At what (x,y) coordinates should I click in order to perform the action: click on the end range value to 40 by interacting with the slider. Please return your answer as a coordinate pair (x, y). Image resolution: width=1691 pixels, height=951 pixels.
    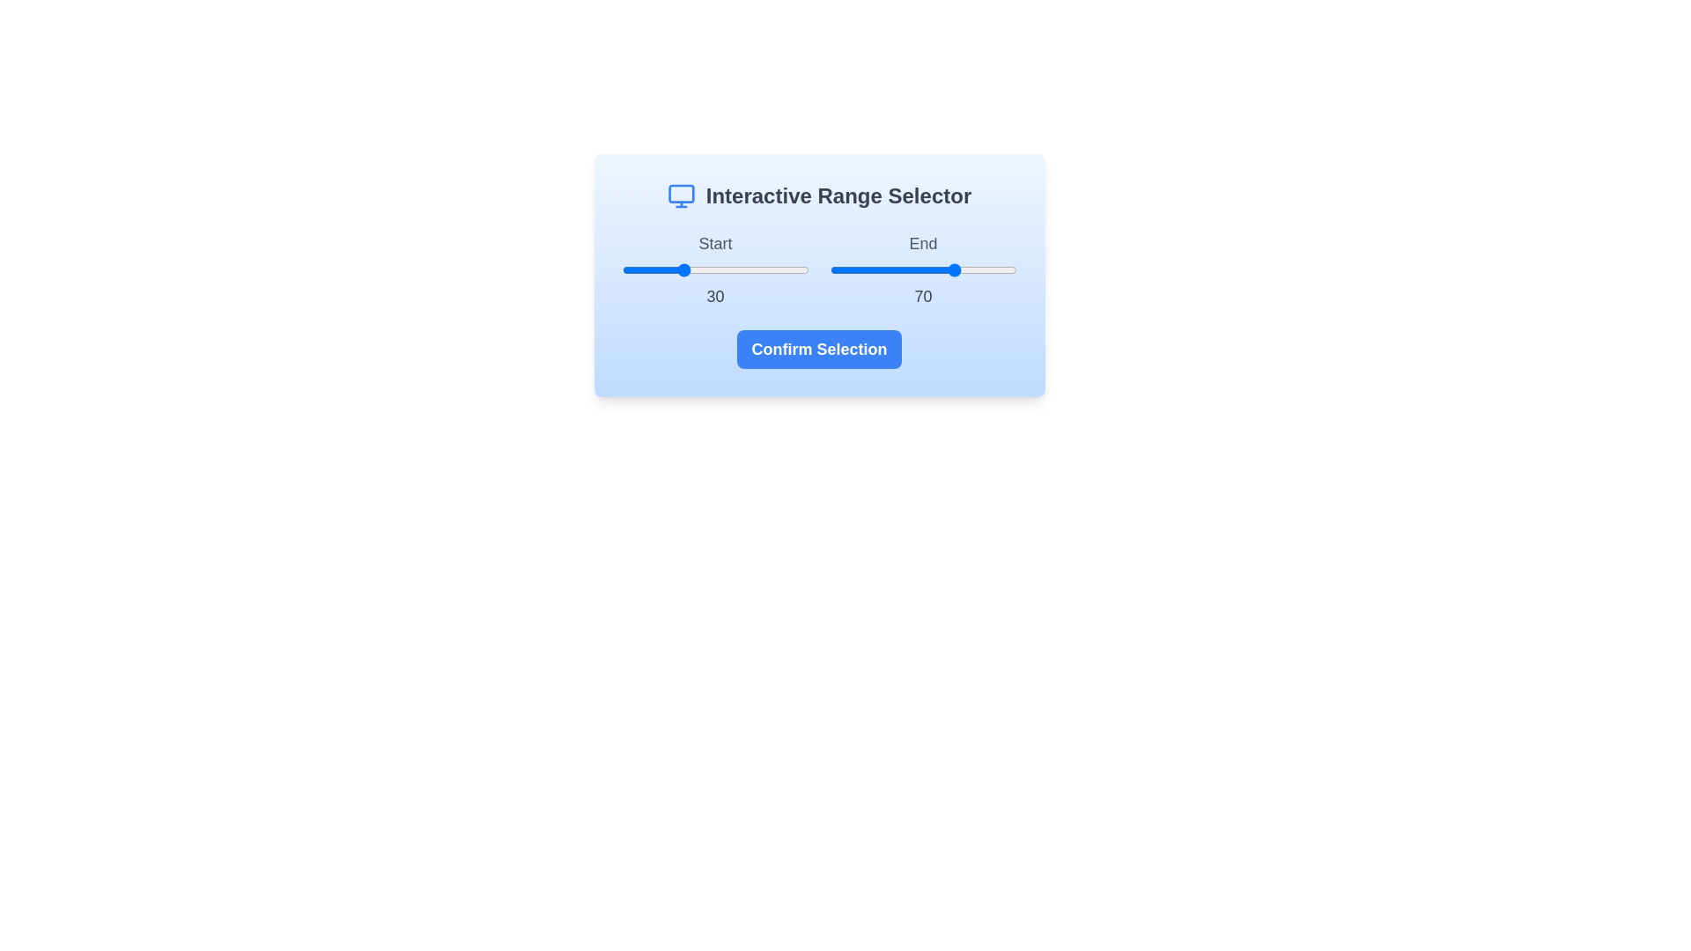
    Looking at the image, I should click on (905, 270).